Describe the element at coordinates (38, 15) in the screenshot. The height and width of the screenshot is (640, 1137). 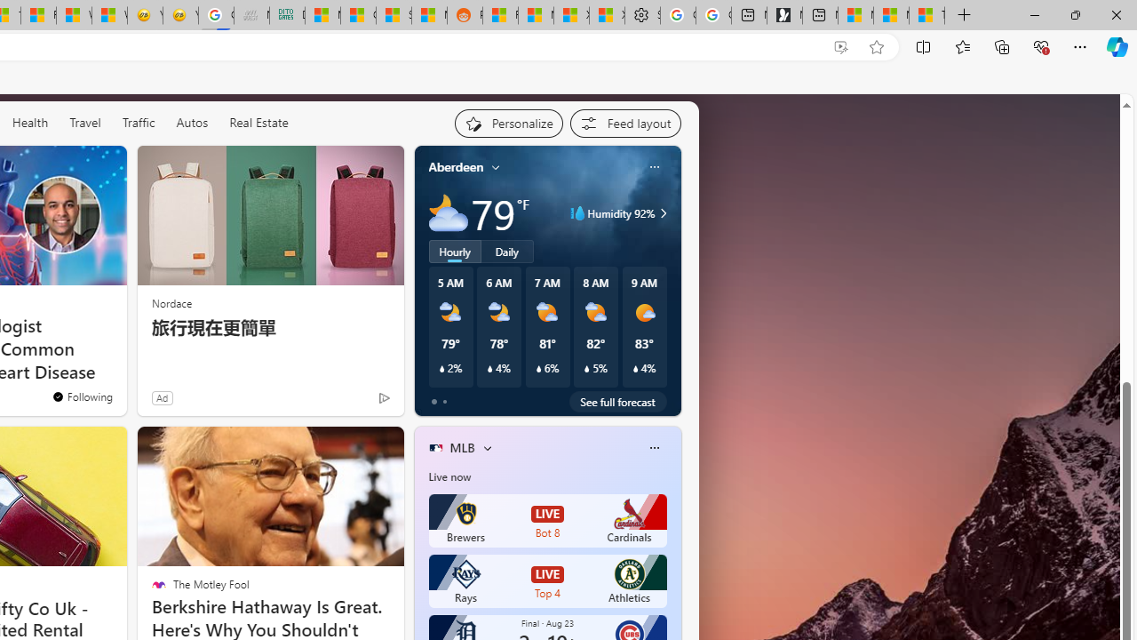
I see `'Fitness - MSN'` at that location.